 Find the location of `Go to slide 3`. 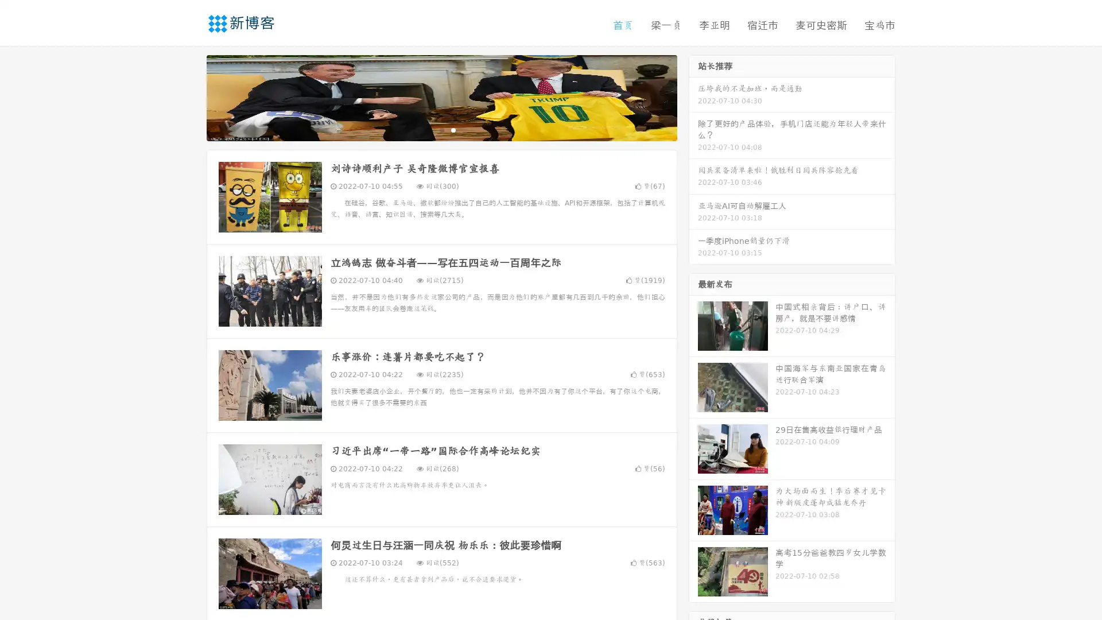

Go to slide 3 is located at coordinates (453, 129).